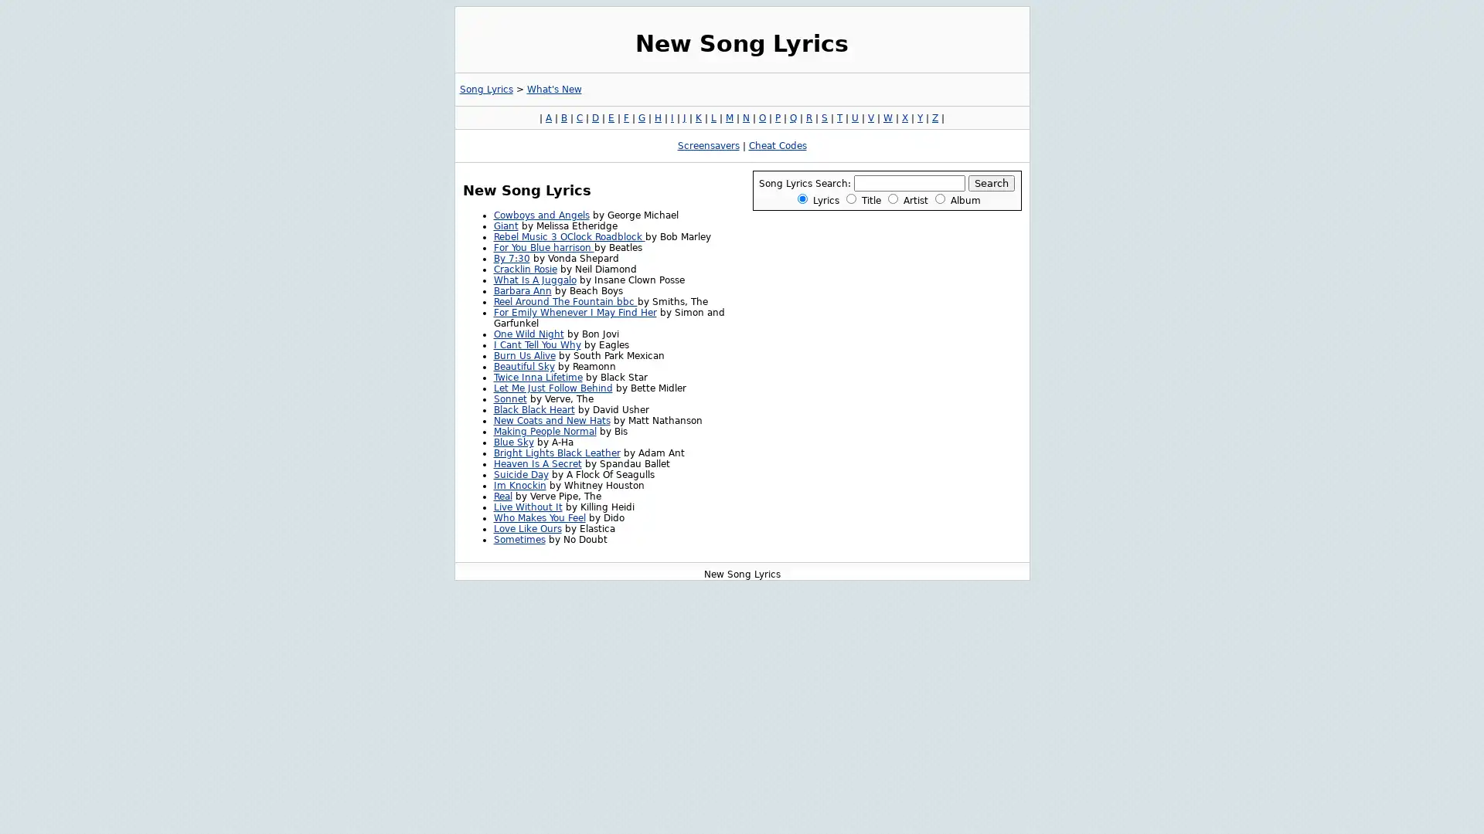 This screenshot has width=1484, height=834. Describe the element at coordinates (991, 182) in the screenshot. I see `Search` at that location.